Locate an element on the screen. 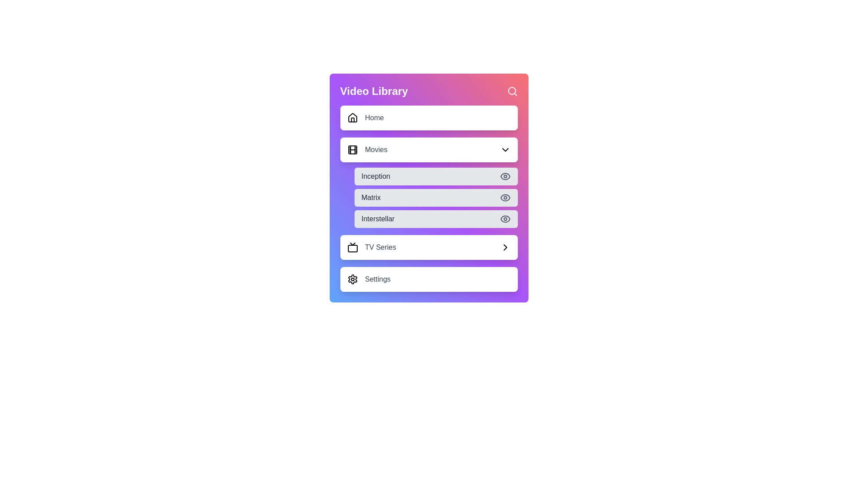 The image size is (852, 479). the decorative settings icon located as the first visual component on the left in the 'Settings' row, which is positioned below the 'TV Series' entry is located at coordinates (352, 279).